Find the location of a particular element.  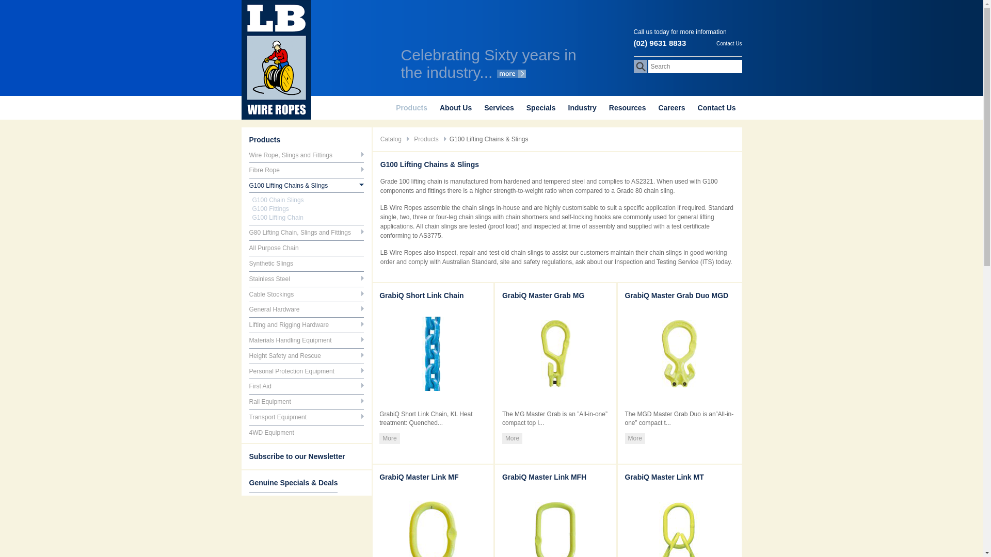

'Personal Protection Equipment' is located at coordinates (291, 371).